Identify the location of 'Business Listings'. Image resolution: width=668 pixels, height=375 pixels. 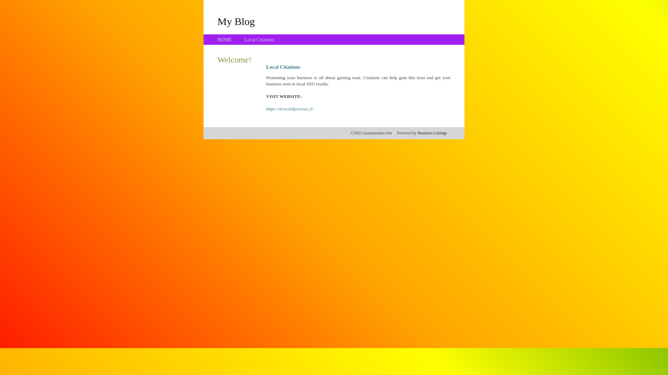
(417, 133).